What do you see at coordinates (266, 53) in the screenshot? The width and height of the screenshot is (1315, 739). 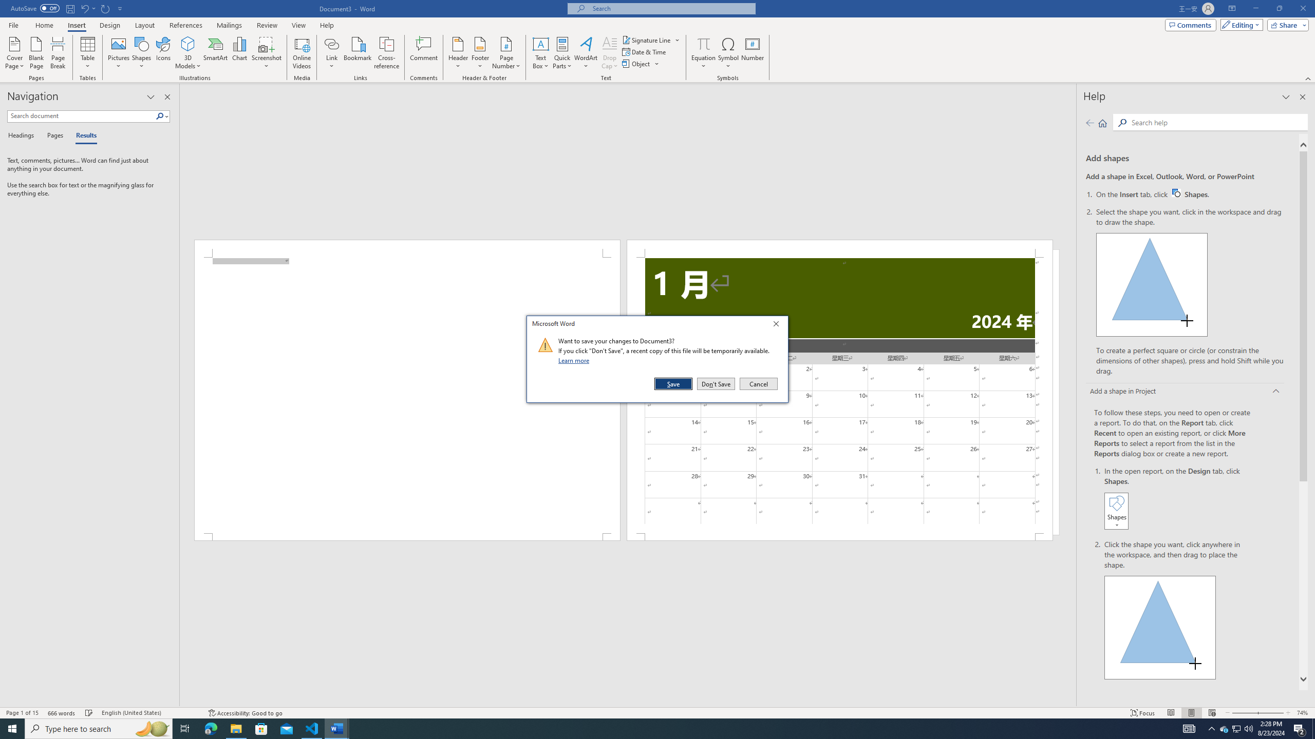 I see `'Screenshot'` at bounding box center [266, 53].